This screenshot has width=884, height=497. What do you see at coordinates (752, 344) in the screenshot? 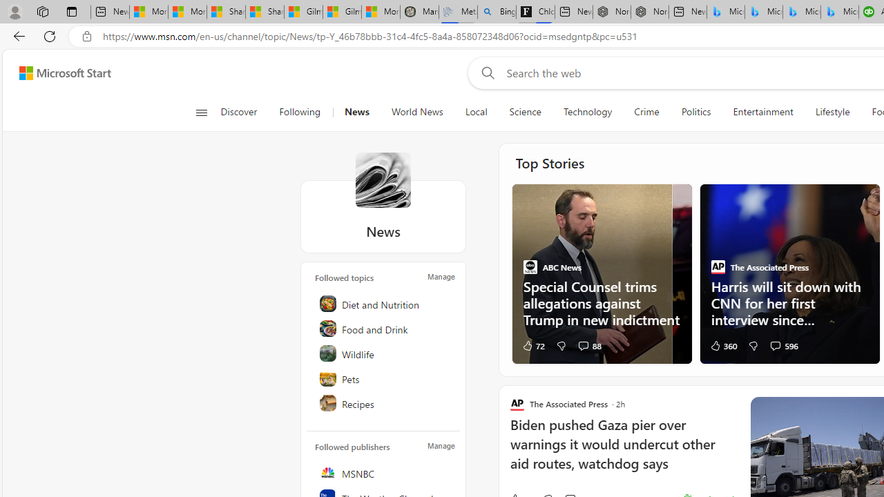
I see `'Dislike'` at bounding box center [752, 344].